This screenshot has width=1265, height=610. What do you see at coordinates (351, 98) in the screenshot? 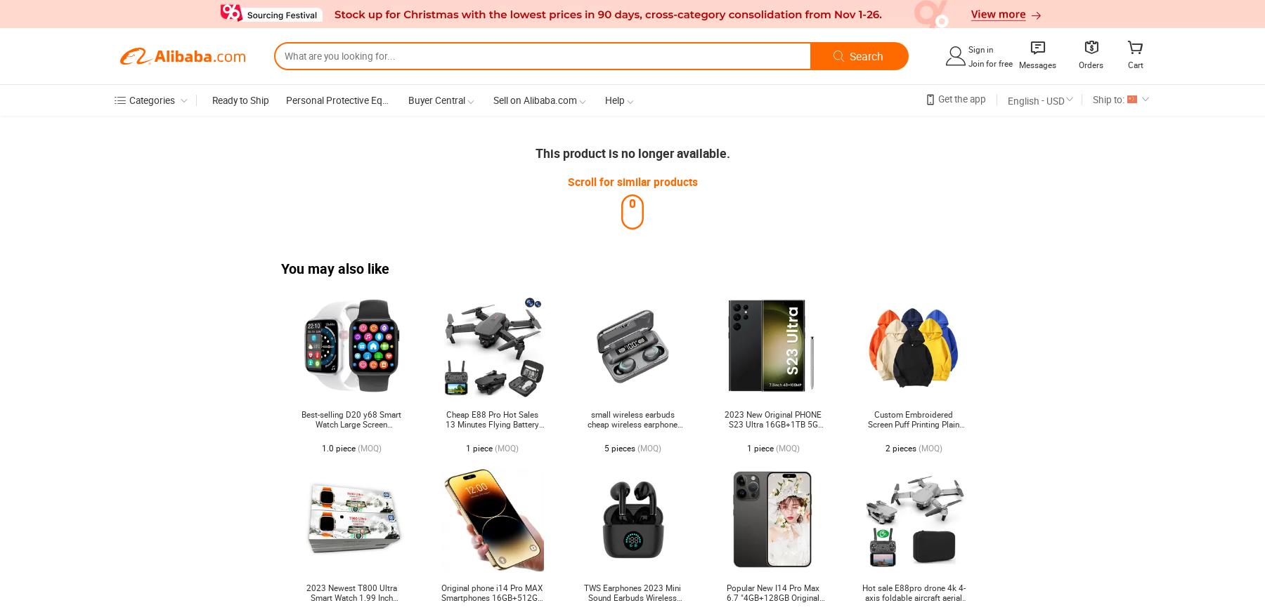
I see `'Personal Protective Equipment'` at bounding box center [351, 98].